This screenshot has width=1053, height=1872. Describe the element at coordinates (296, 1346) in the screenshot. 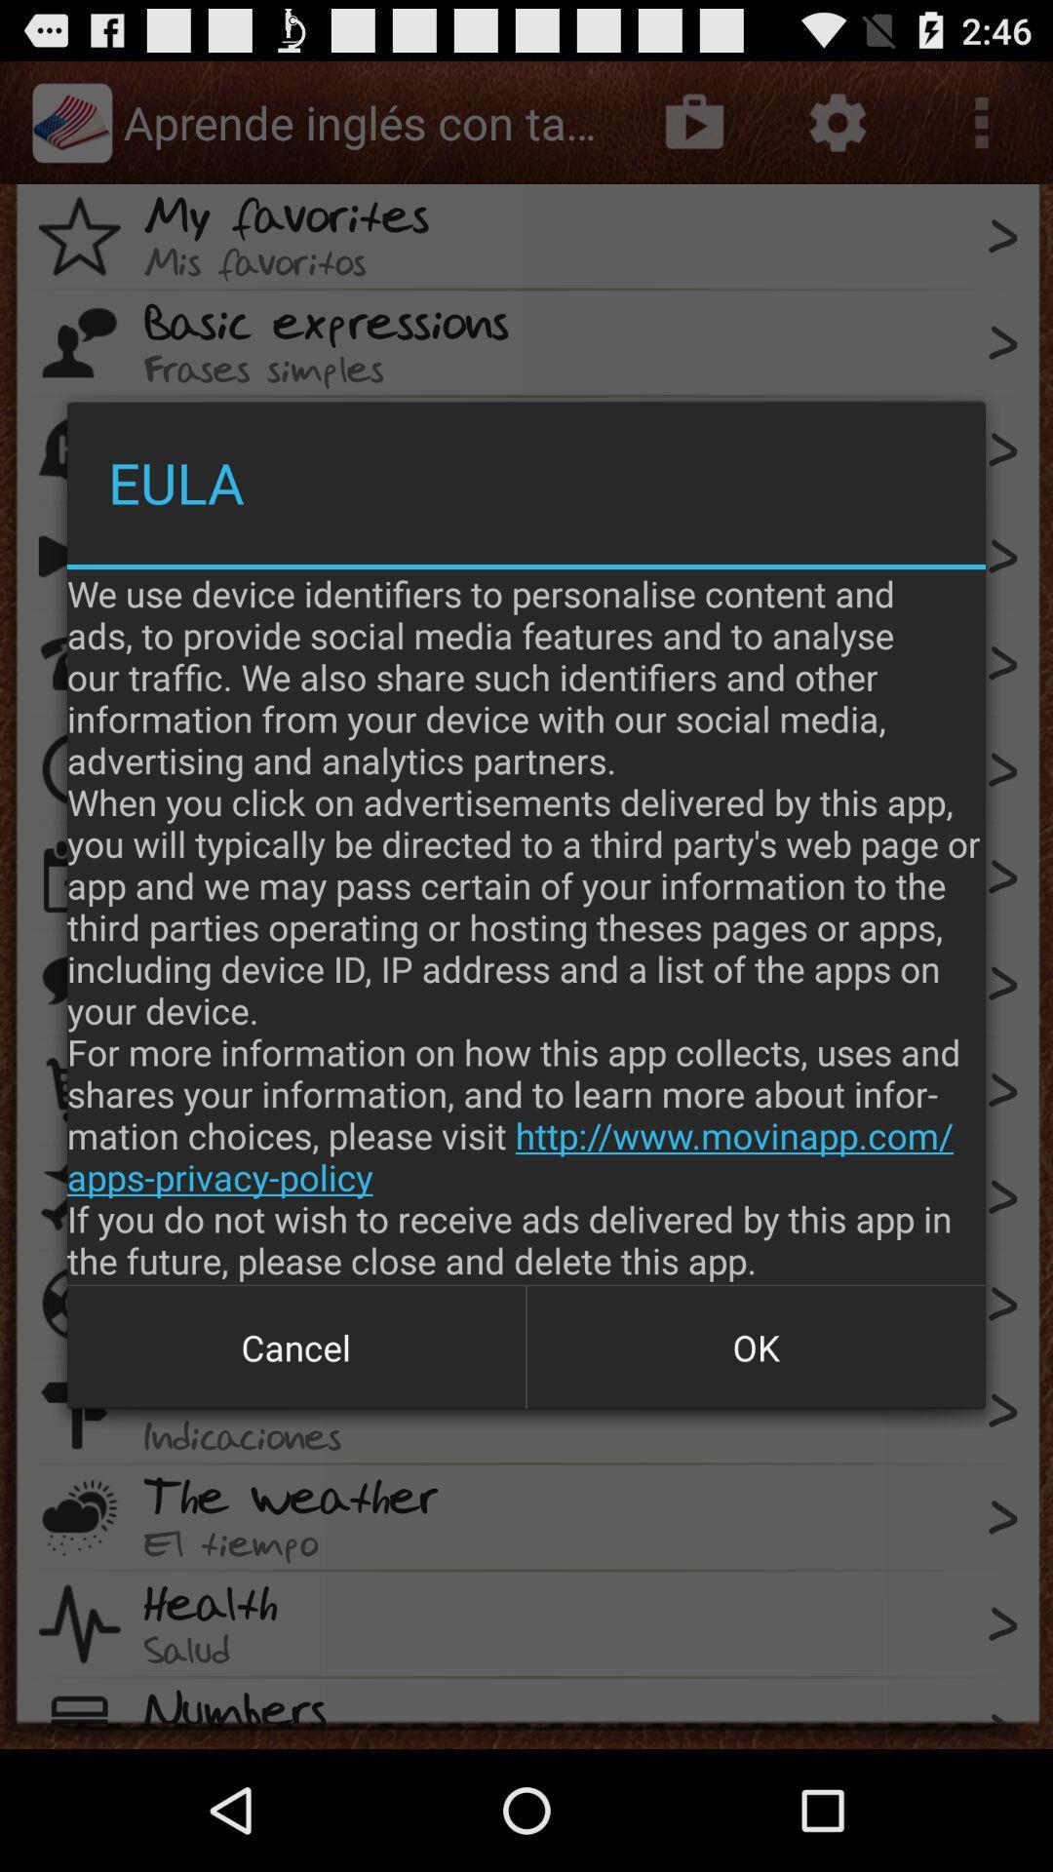

I see `app below we use device item` at that location.